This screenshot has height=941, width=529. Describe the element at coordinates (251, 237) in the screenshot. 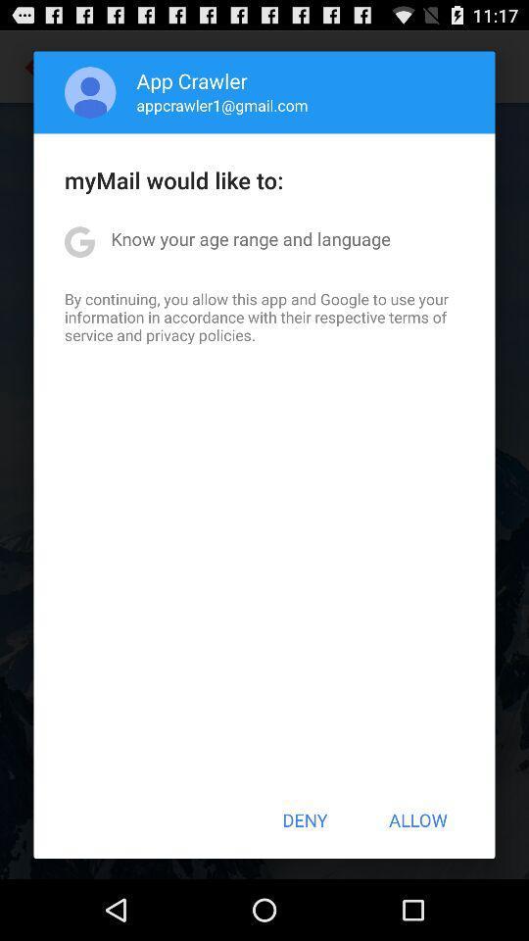

I see `know your age item` at that location.